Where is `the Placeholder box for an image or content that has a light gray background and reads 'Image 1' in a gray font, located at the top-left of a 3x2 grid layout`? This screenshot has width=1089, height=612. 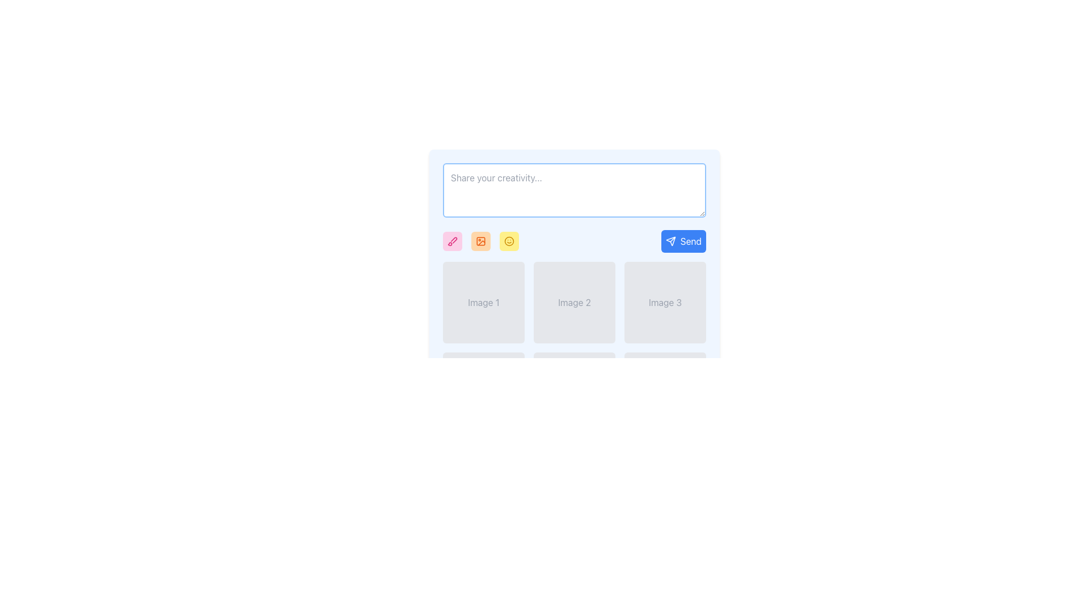
the Placeholder box for an image or content that has a light gray background and reads 'Image 1' in a gray font, located at the top-left of a 3x2 grid layout is located at coordinates (484, 301).